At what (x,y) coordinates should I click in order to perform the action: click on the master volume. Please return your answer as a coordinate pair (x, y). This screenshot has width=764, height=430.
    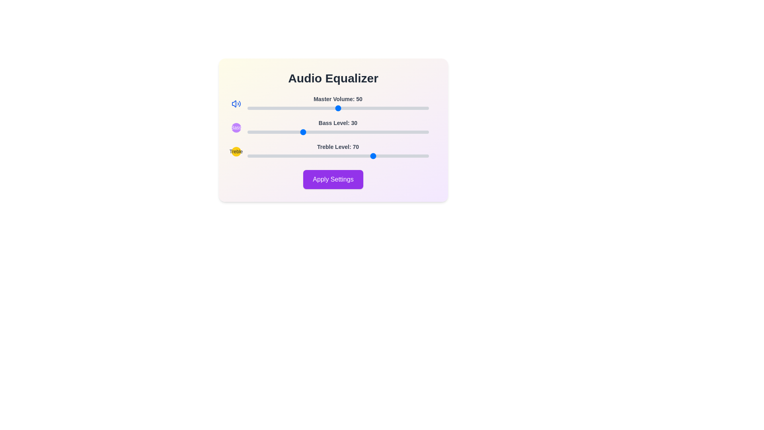
    Looking at the image, I should click on (256, 108).